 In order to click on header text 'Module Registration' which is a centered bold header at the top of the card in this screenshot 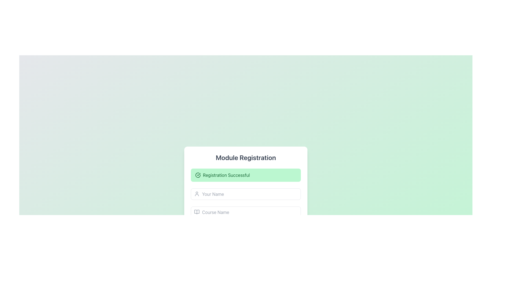, I will do `click(245, 158)`.